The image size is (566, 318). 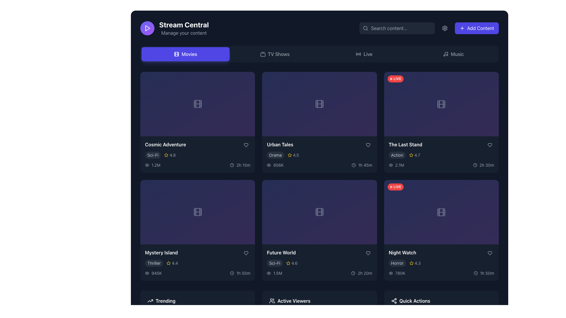 What do you see at coordinates (441, 230) in the screenshot?
I see `the movie card for 'Night Watch'` at bounding box center [441, 230].